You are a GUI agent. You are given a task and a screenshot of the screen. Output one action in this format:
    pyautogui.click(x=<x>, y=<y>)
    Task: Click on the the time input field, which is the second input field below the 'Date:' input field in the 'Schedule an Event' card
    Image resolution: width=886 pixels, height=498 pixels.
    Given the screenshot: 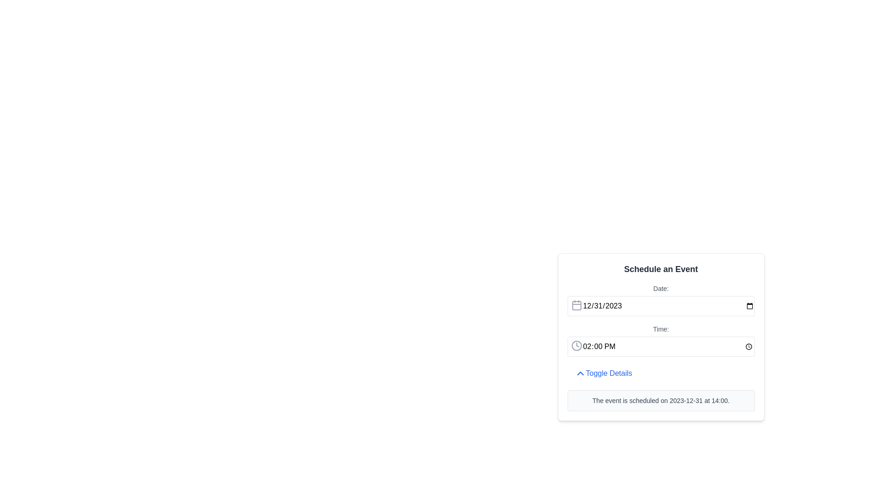 What is the action you would take?
    pyautogui.click(x=660, y=347)
    